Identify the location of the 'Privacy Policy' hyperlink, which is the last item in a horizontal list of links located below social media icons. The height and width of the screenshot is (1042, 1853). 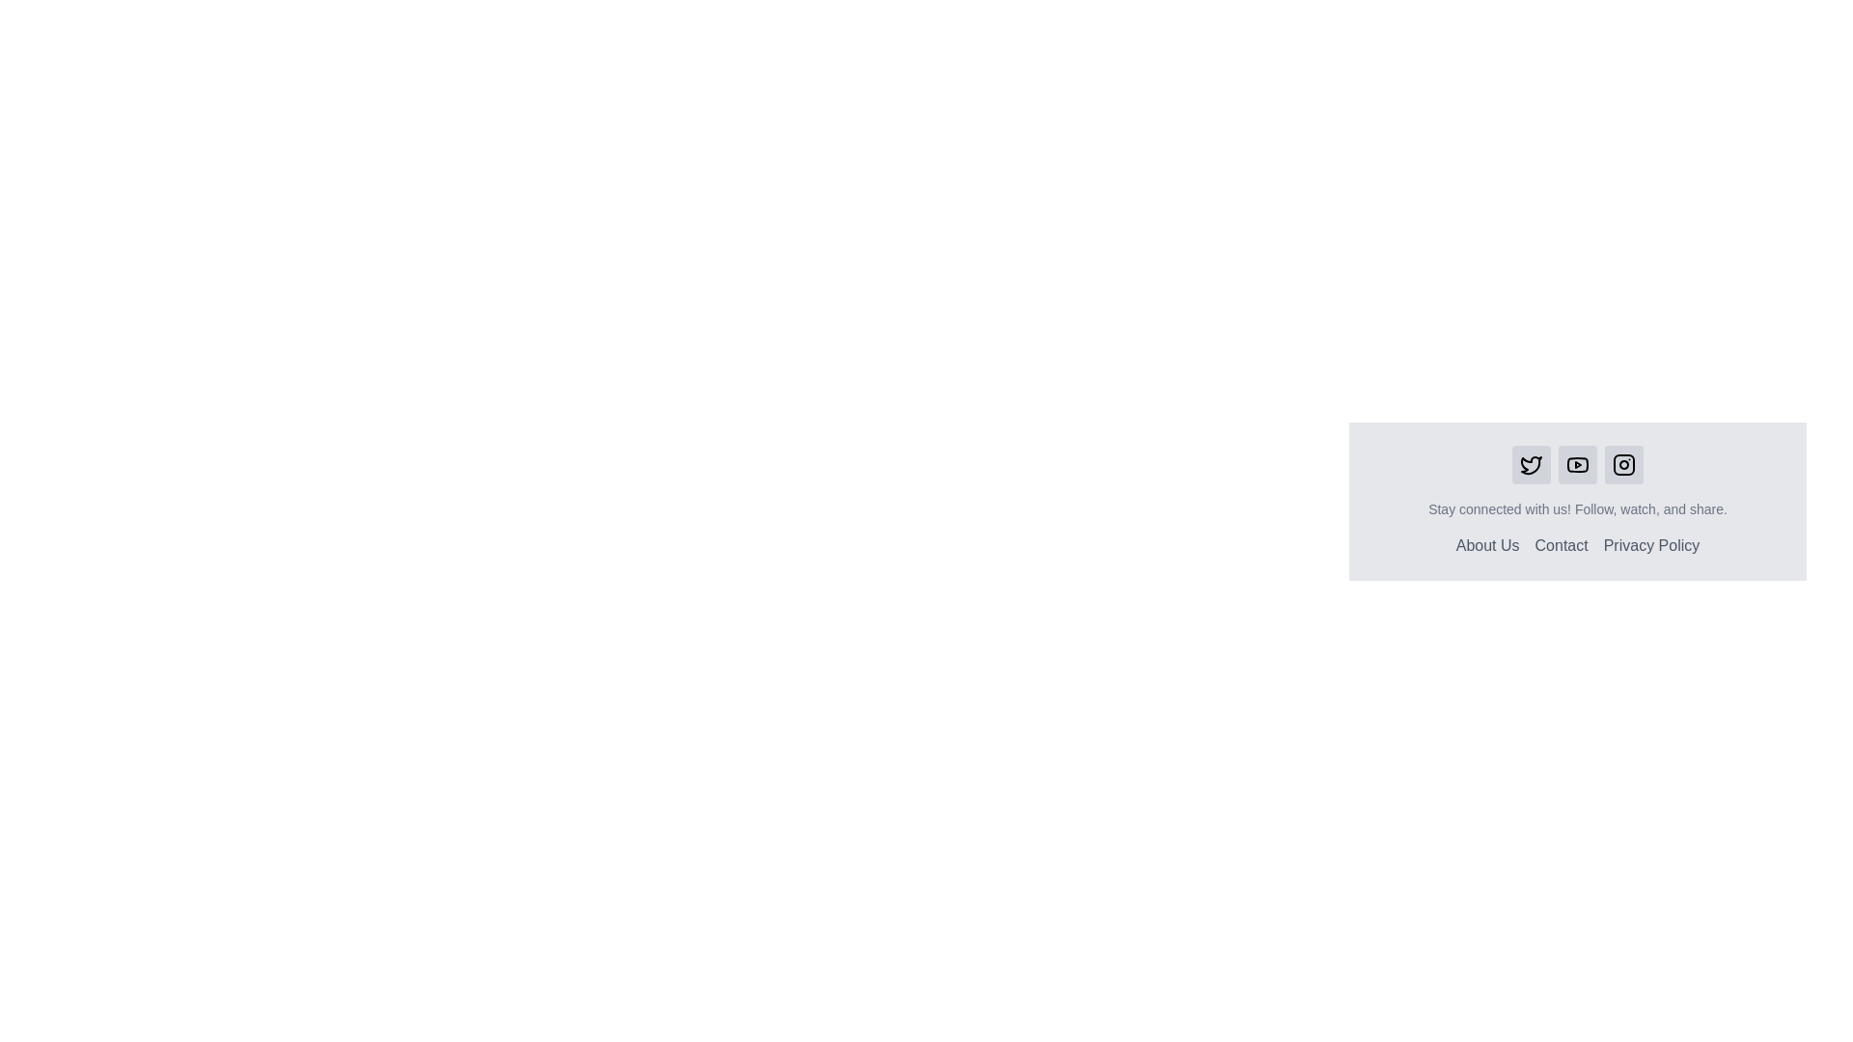
(1650, 546).